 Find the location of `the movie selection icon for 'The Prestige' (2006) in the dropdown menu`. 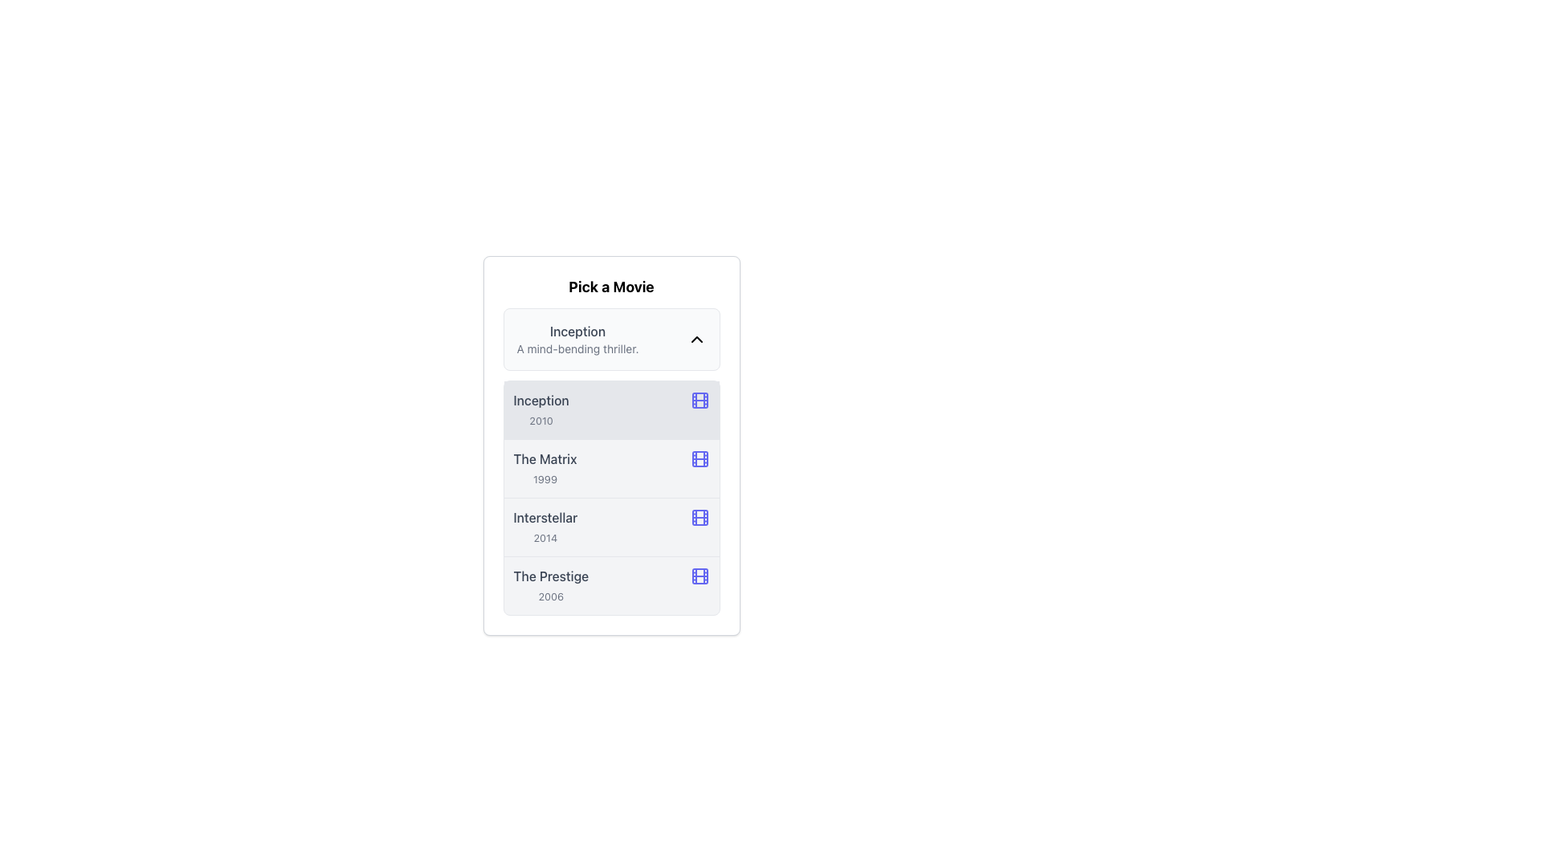

the movie selection icon for 'The Prestige' (2006) in the dropdown menu is located at coordinates (700, 575).